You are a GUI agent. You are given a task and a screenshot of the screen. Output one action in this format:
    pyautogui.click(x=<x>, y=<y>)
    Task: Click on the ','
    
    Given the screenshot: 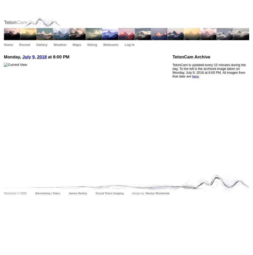 What is the action you would take?
    pyautogui.click(x=35, y=57)
    